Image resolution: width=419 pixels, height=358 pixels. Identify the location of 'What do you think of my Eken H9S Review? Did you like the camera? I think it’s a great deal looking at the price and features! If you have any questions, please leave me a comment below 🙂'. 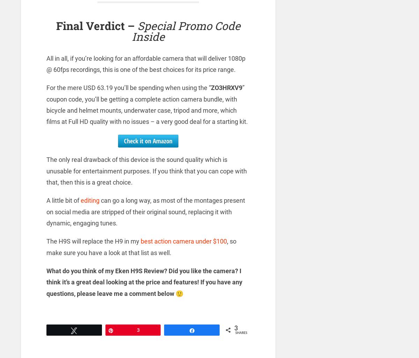
(46, 281).